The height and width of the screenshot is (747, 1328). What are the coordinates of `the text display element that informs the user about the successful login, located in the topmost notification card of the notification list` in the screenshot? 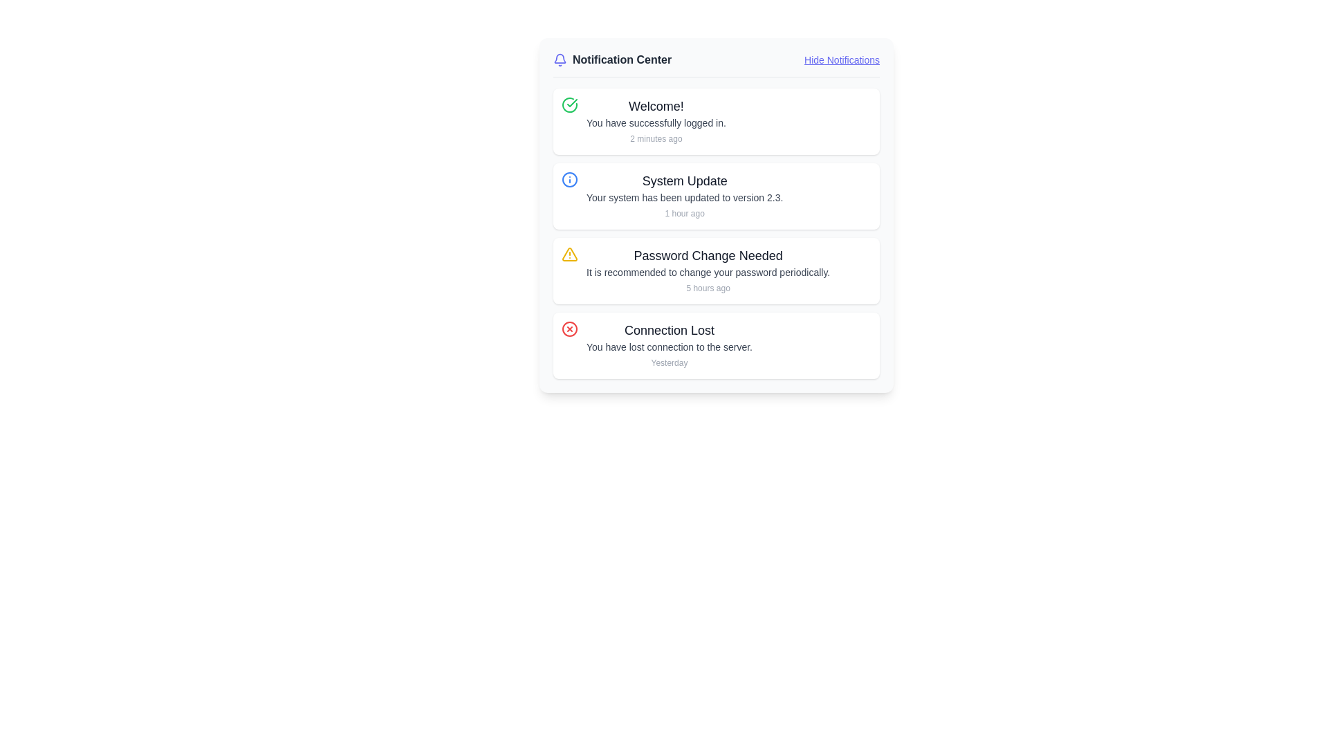 It's located at (655, 121).